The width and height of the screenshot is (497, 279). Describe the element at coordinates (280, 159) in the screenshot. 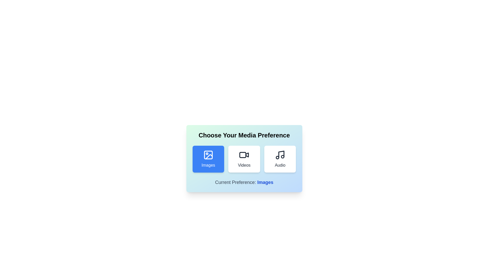

I see `the media preference option Audio` at that location.